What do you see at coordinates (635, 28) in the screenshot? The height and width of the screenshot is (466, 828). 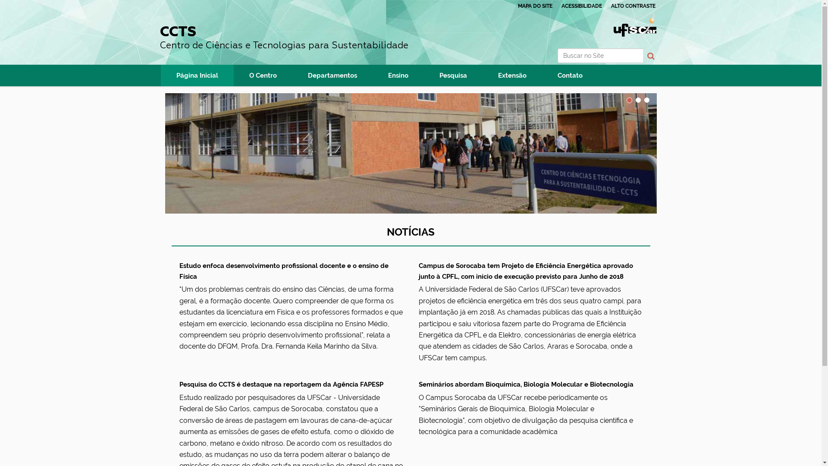 I see `'Portal UFSCar'` at bounding box center [635, 28].